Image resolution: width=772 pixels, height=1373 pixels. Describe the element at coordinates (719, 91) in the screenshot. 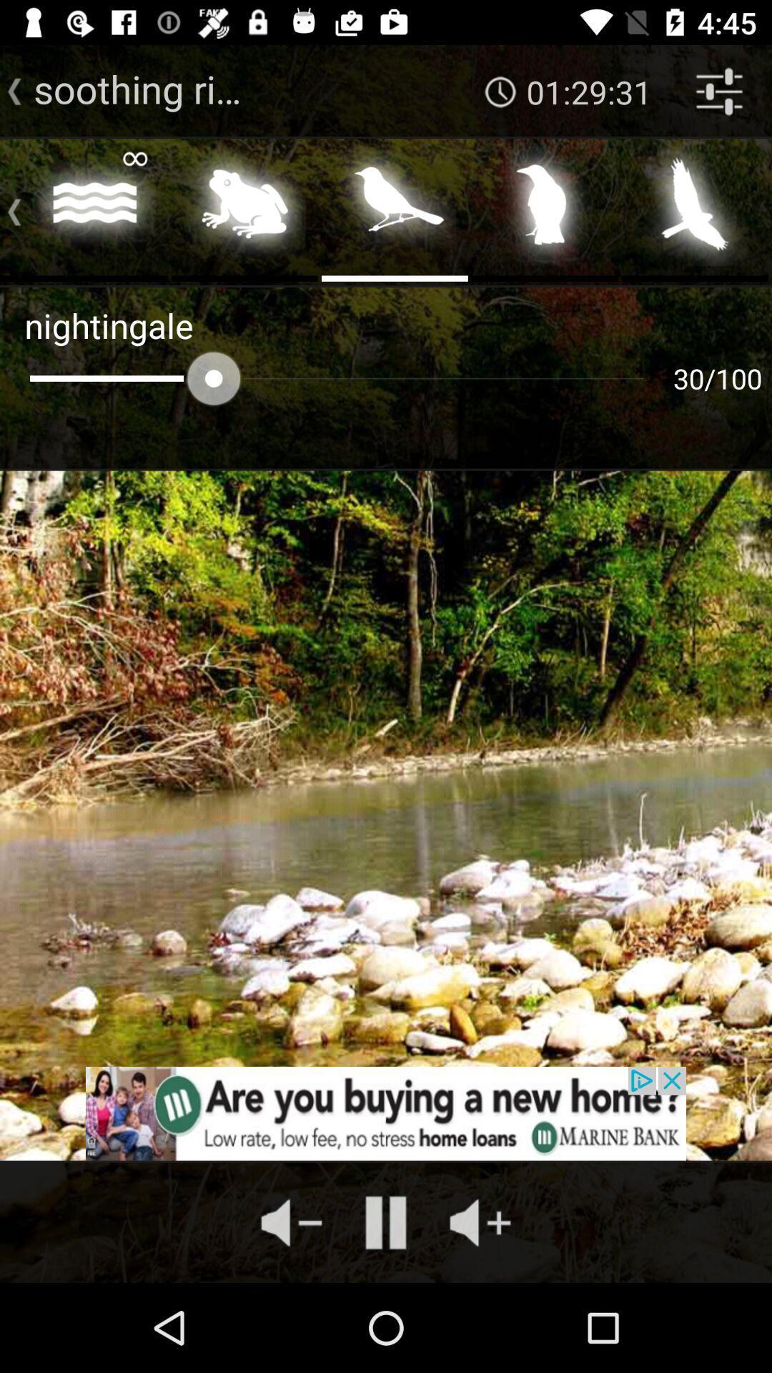

I see `the sliders icon` at that location.